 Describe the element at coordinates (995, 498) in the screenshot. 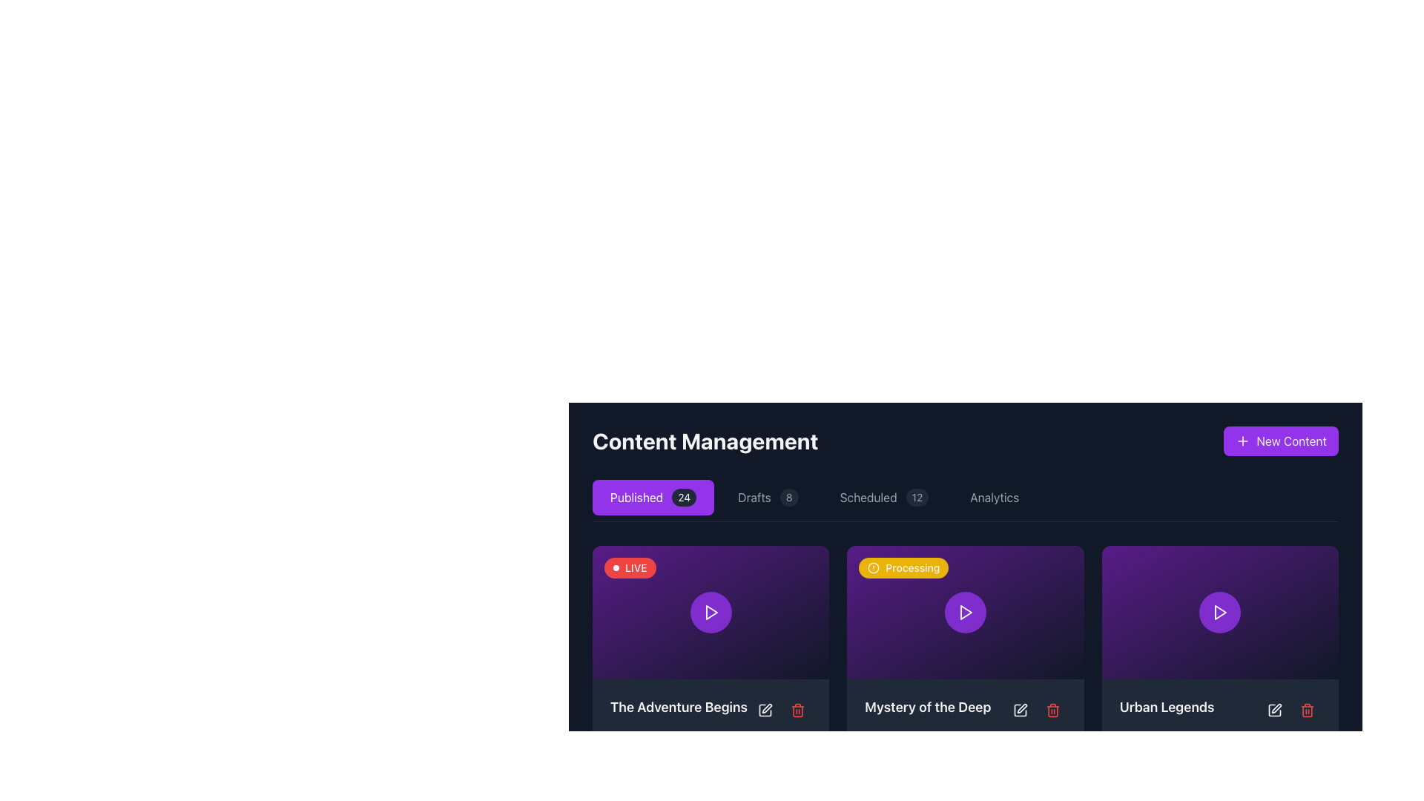

I see `contents of the text label displaying 'Analytics' in gray color, located in the top-right section of the interface, adjacent to the 'Scheduled' section` at that location.